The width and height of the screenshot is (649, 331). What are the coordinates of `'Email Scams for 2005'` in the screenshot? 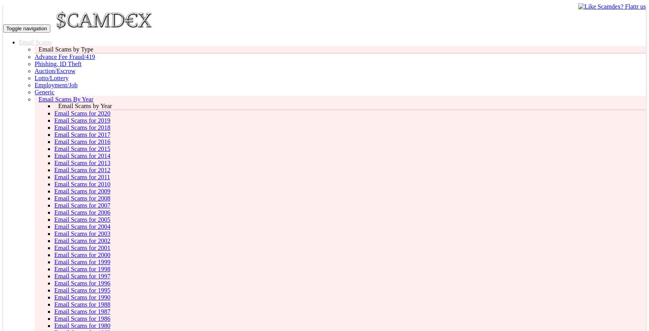 It's located at (82, 219).